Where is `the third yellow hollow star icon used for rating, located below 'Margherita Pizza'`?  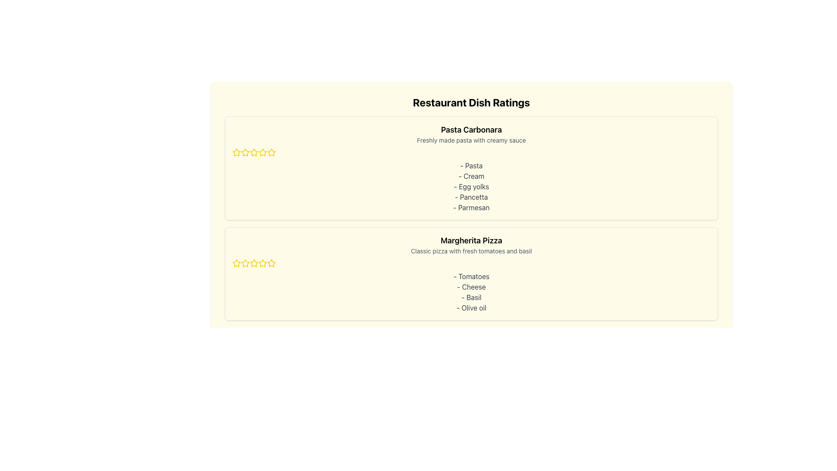 the third yellow hollow star icon used for rating, located below 'Margherita Pizza' is located at coordinates (271, 263).